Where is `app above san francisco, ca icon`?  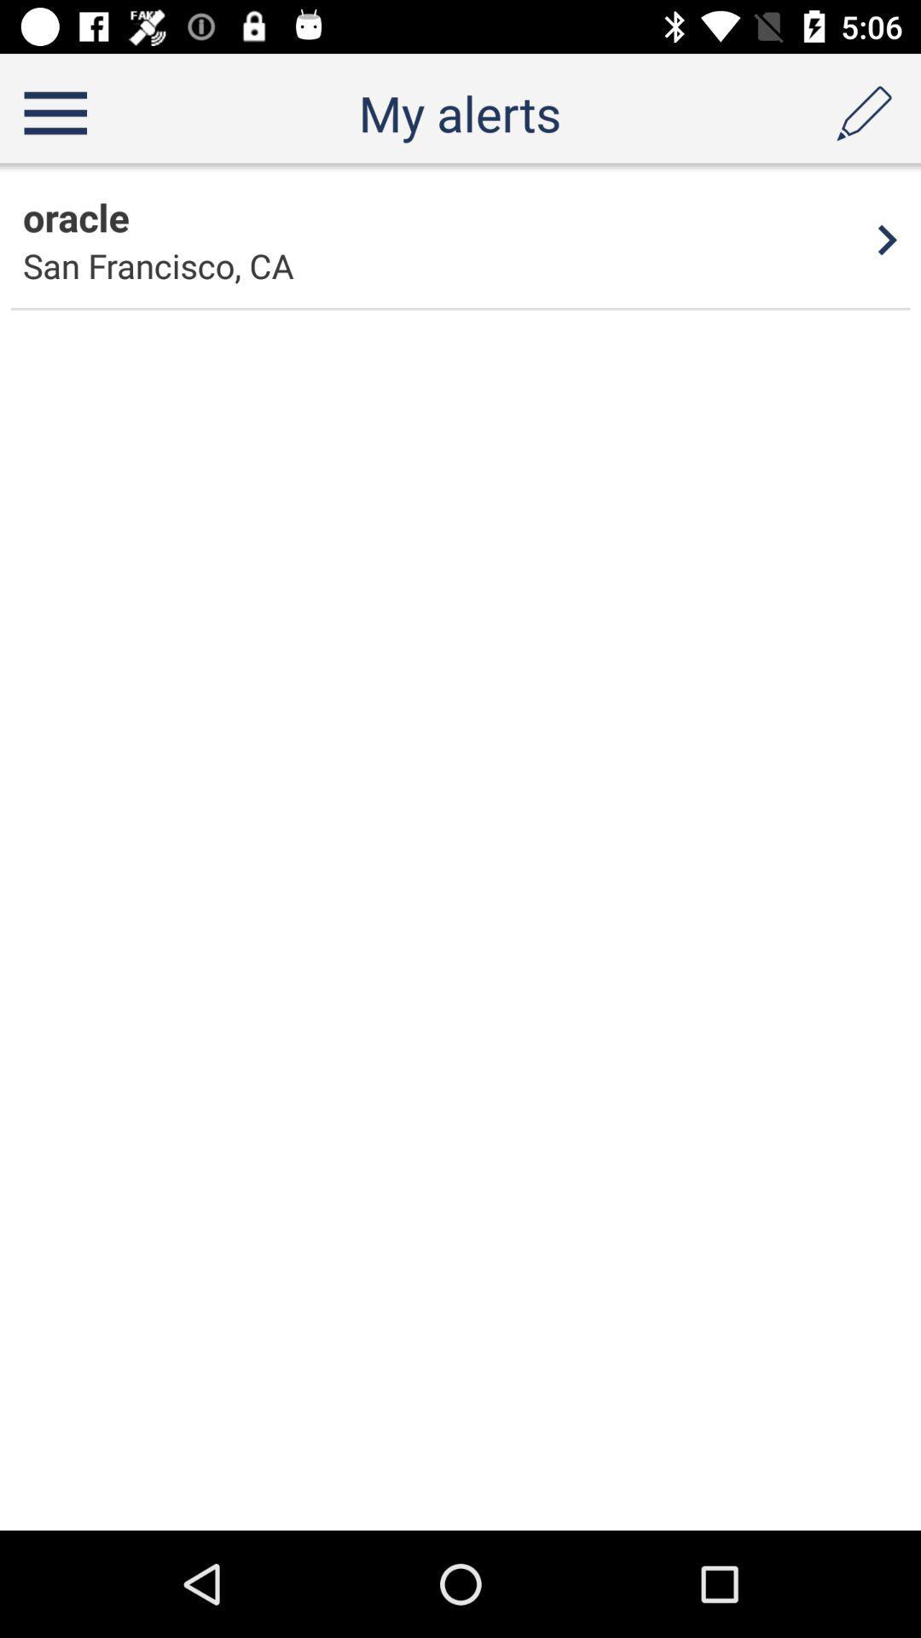 app above san francisco, ca icon is located at coordinates (75, 216).